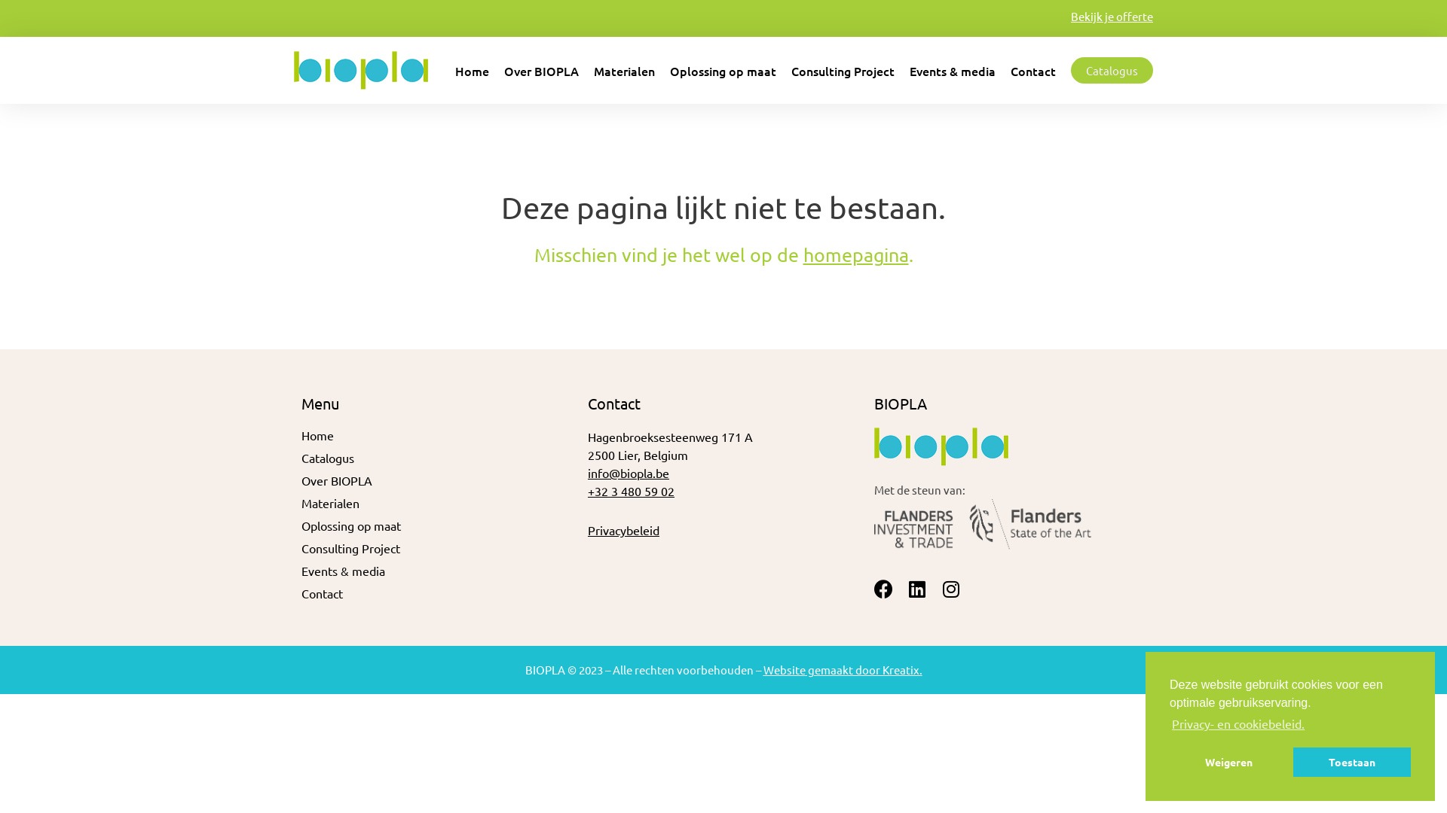 The image size is (1447, 813). What do you see at coordinates (1069, 16) in the screenshot?
I see `'Bekijk je offerte'` at bounding box center [1069, 16].